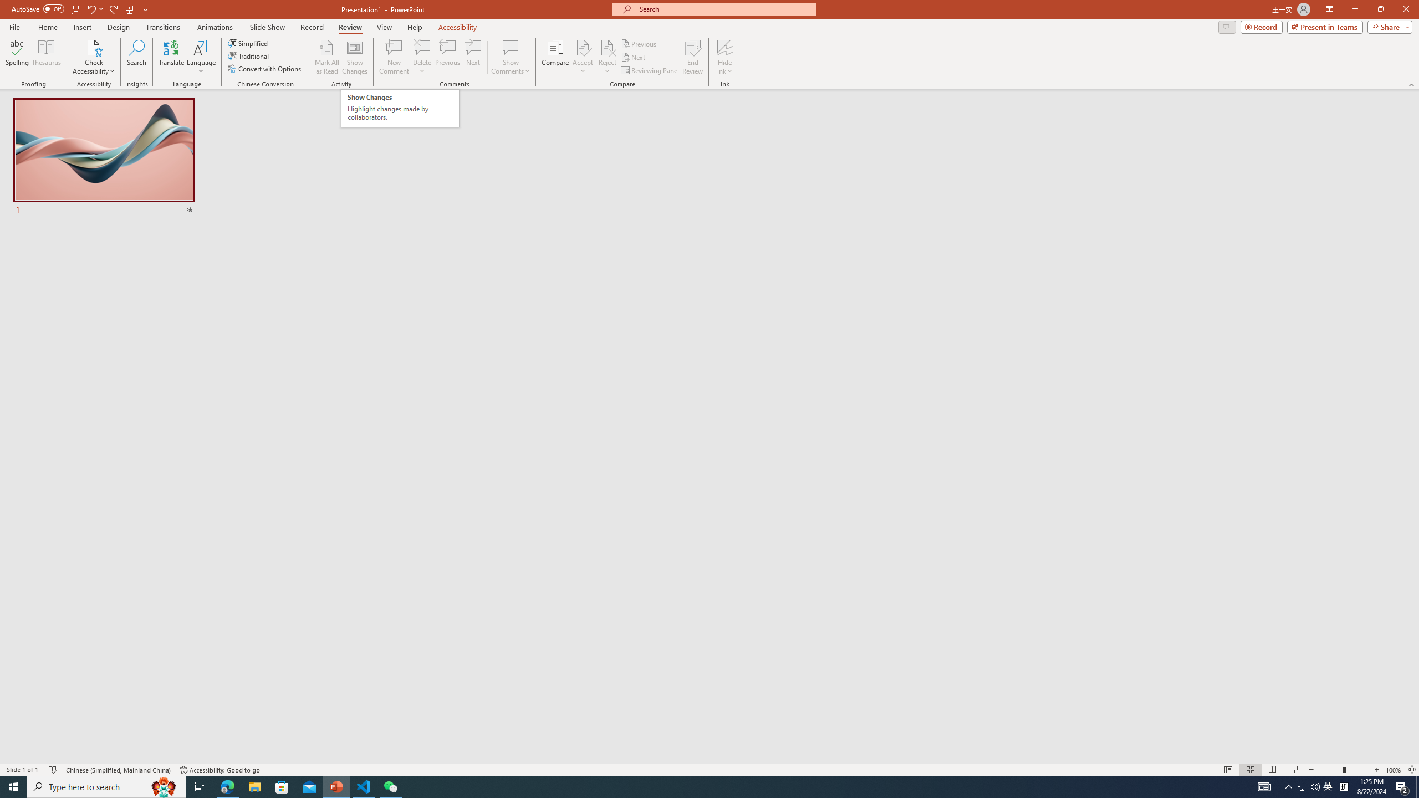 The image size is (1419, 798). What do you see at coordinates (649, 70) in the screenshot?
I see `'Reviewing Pane'` at bounding box center [649, 70].